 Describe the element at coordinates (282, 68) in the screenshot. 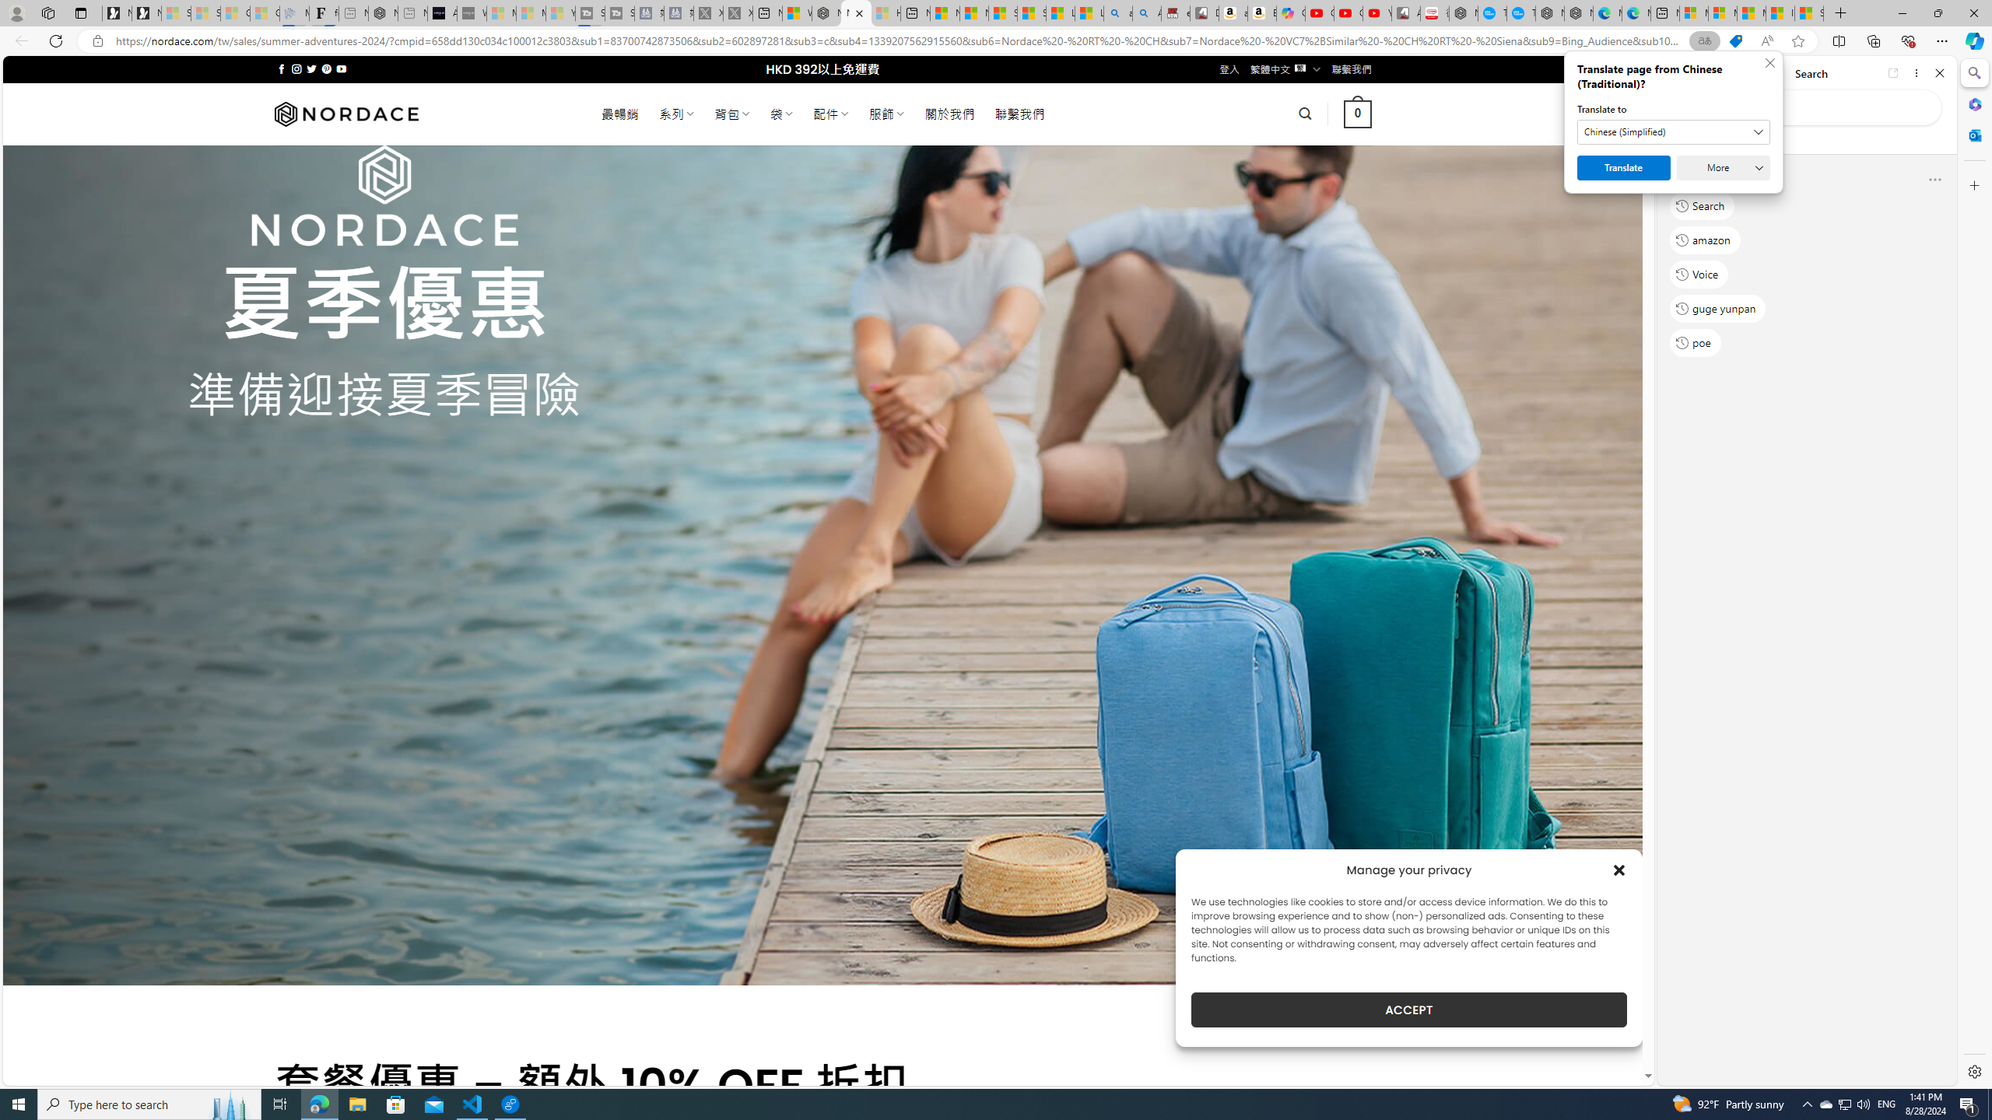

I see `'Follow on Facebook'` at that location.